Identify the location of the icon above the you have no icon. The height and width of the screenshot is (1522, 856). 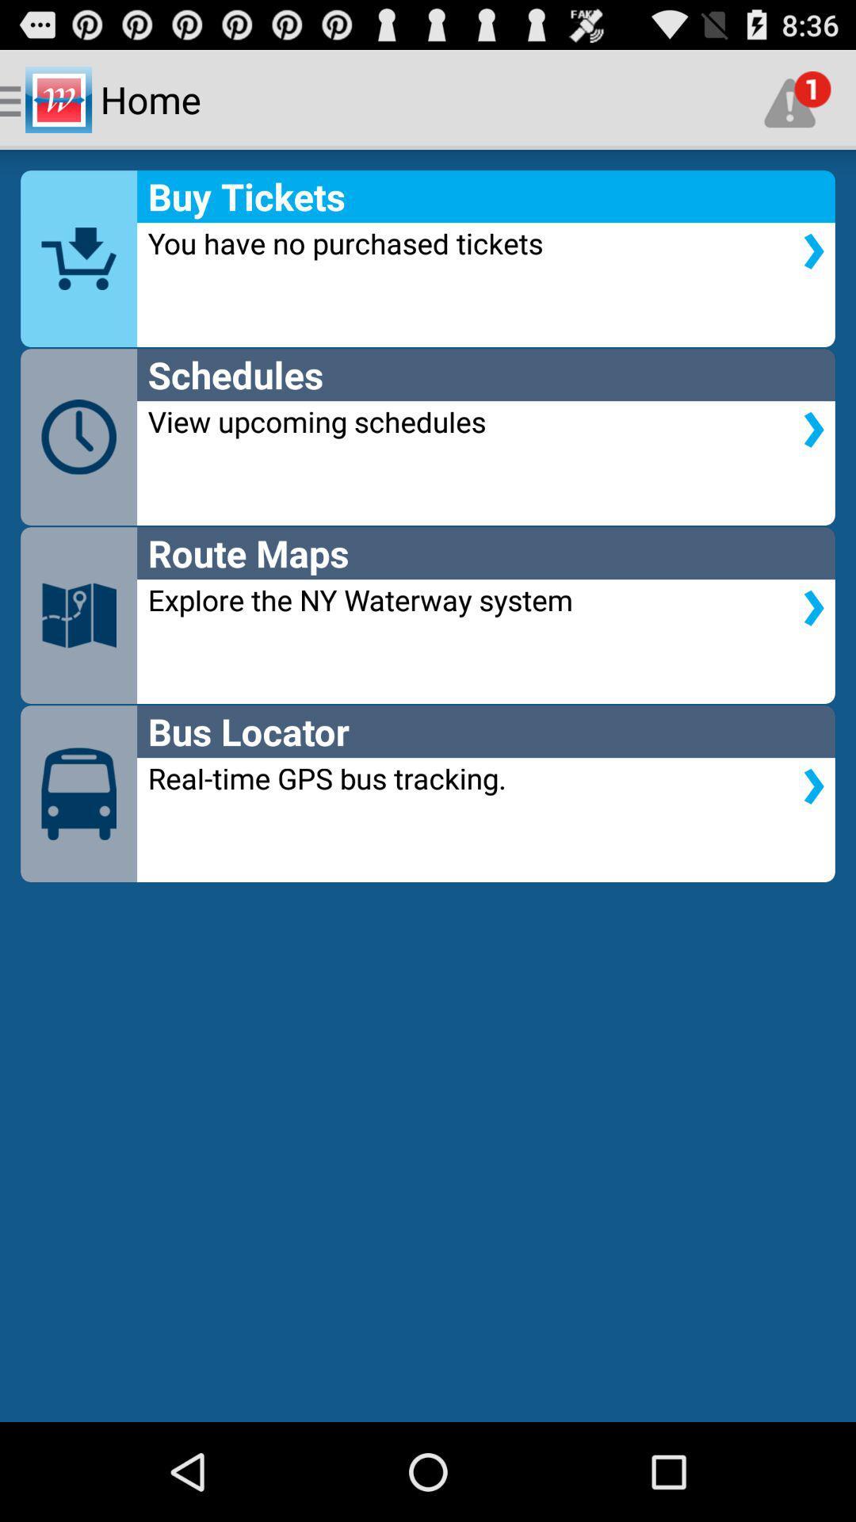
(797, 98).